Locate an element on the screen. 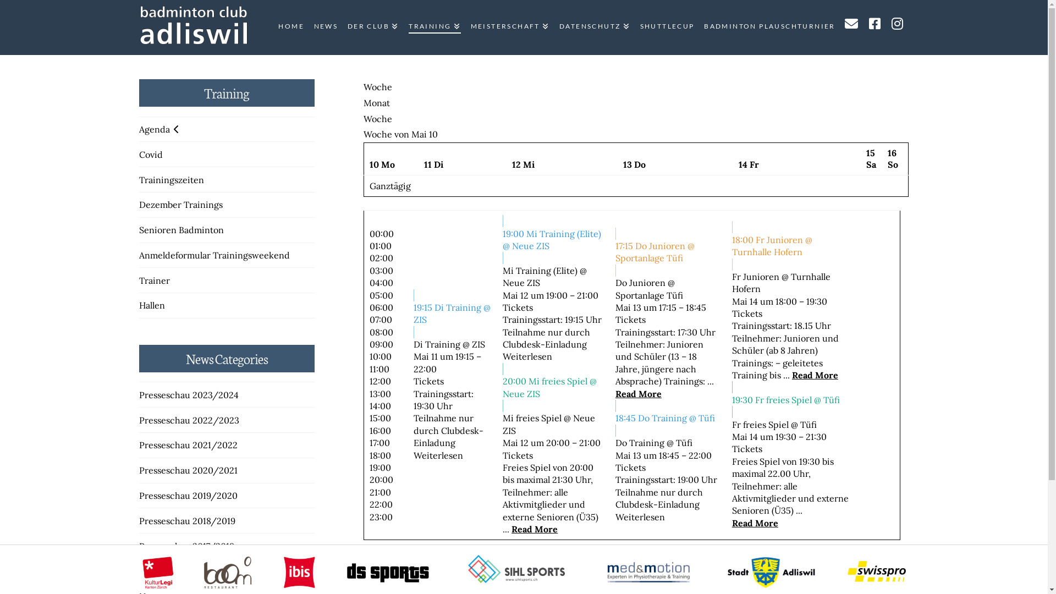 The width and height of the screenshot is (1056, 594). 'MEISTERSCHAFT' is located at coordinates (465, 27).